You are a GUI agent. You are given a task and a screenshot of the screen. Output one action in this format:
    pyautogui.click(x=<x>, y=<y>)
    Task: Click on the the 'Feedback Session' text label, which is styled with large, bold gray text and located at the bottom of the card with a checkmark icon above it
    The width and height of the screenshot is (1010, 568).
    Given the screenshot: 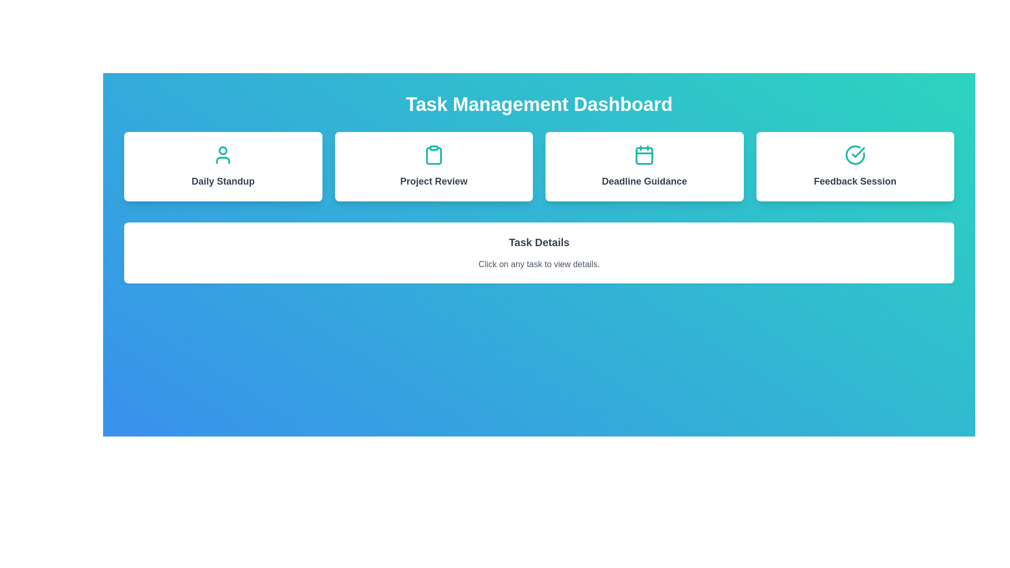 What is the action you would take?
    pyautogui.click(x=855, y=180)
    